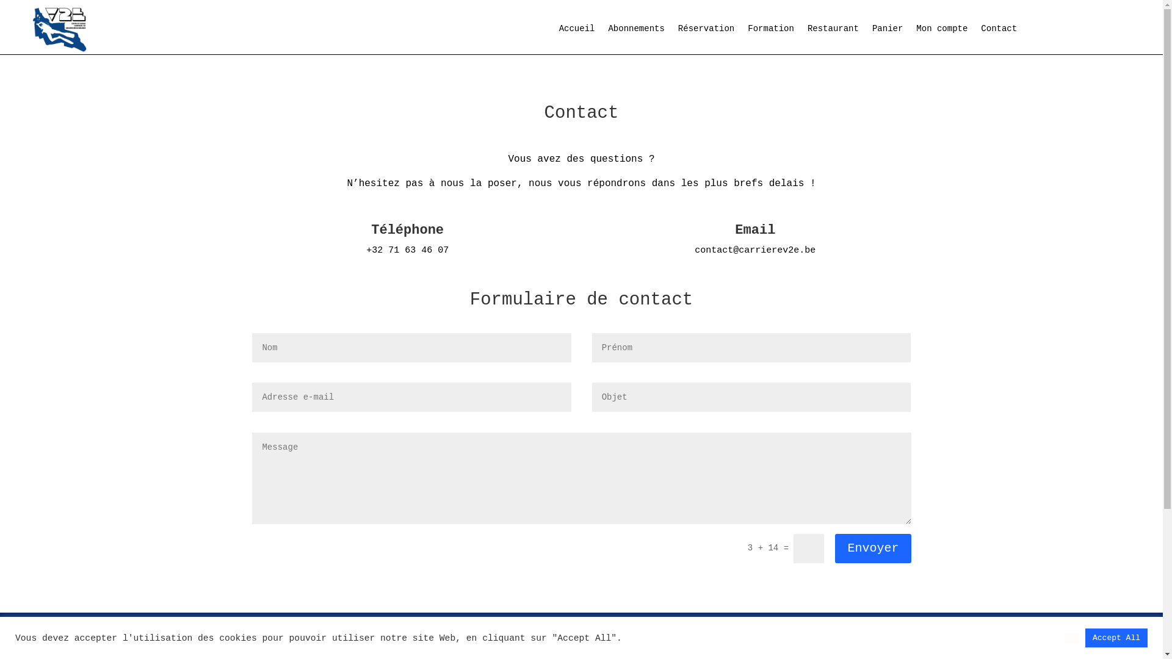 The image size is (1172, 659). What do you see at coordinates (941, 30) in the screenshot?
I see `'Mon compte'` at bounding box center [941, 30].